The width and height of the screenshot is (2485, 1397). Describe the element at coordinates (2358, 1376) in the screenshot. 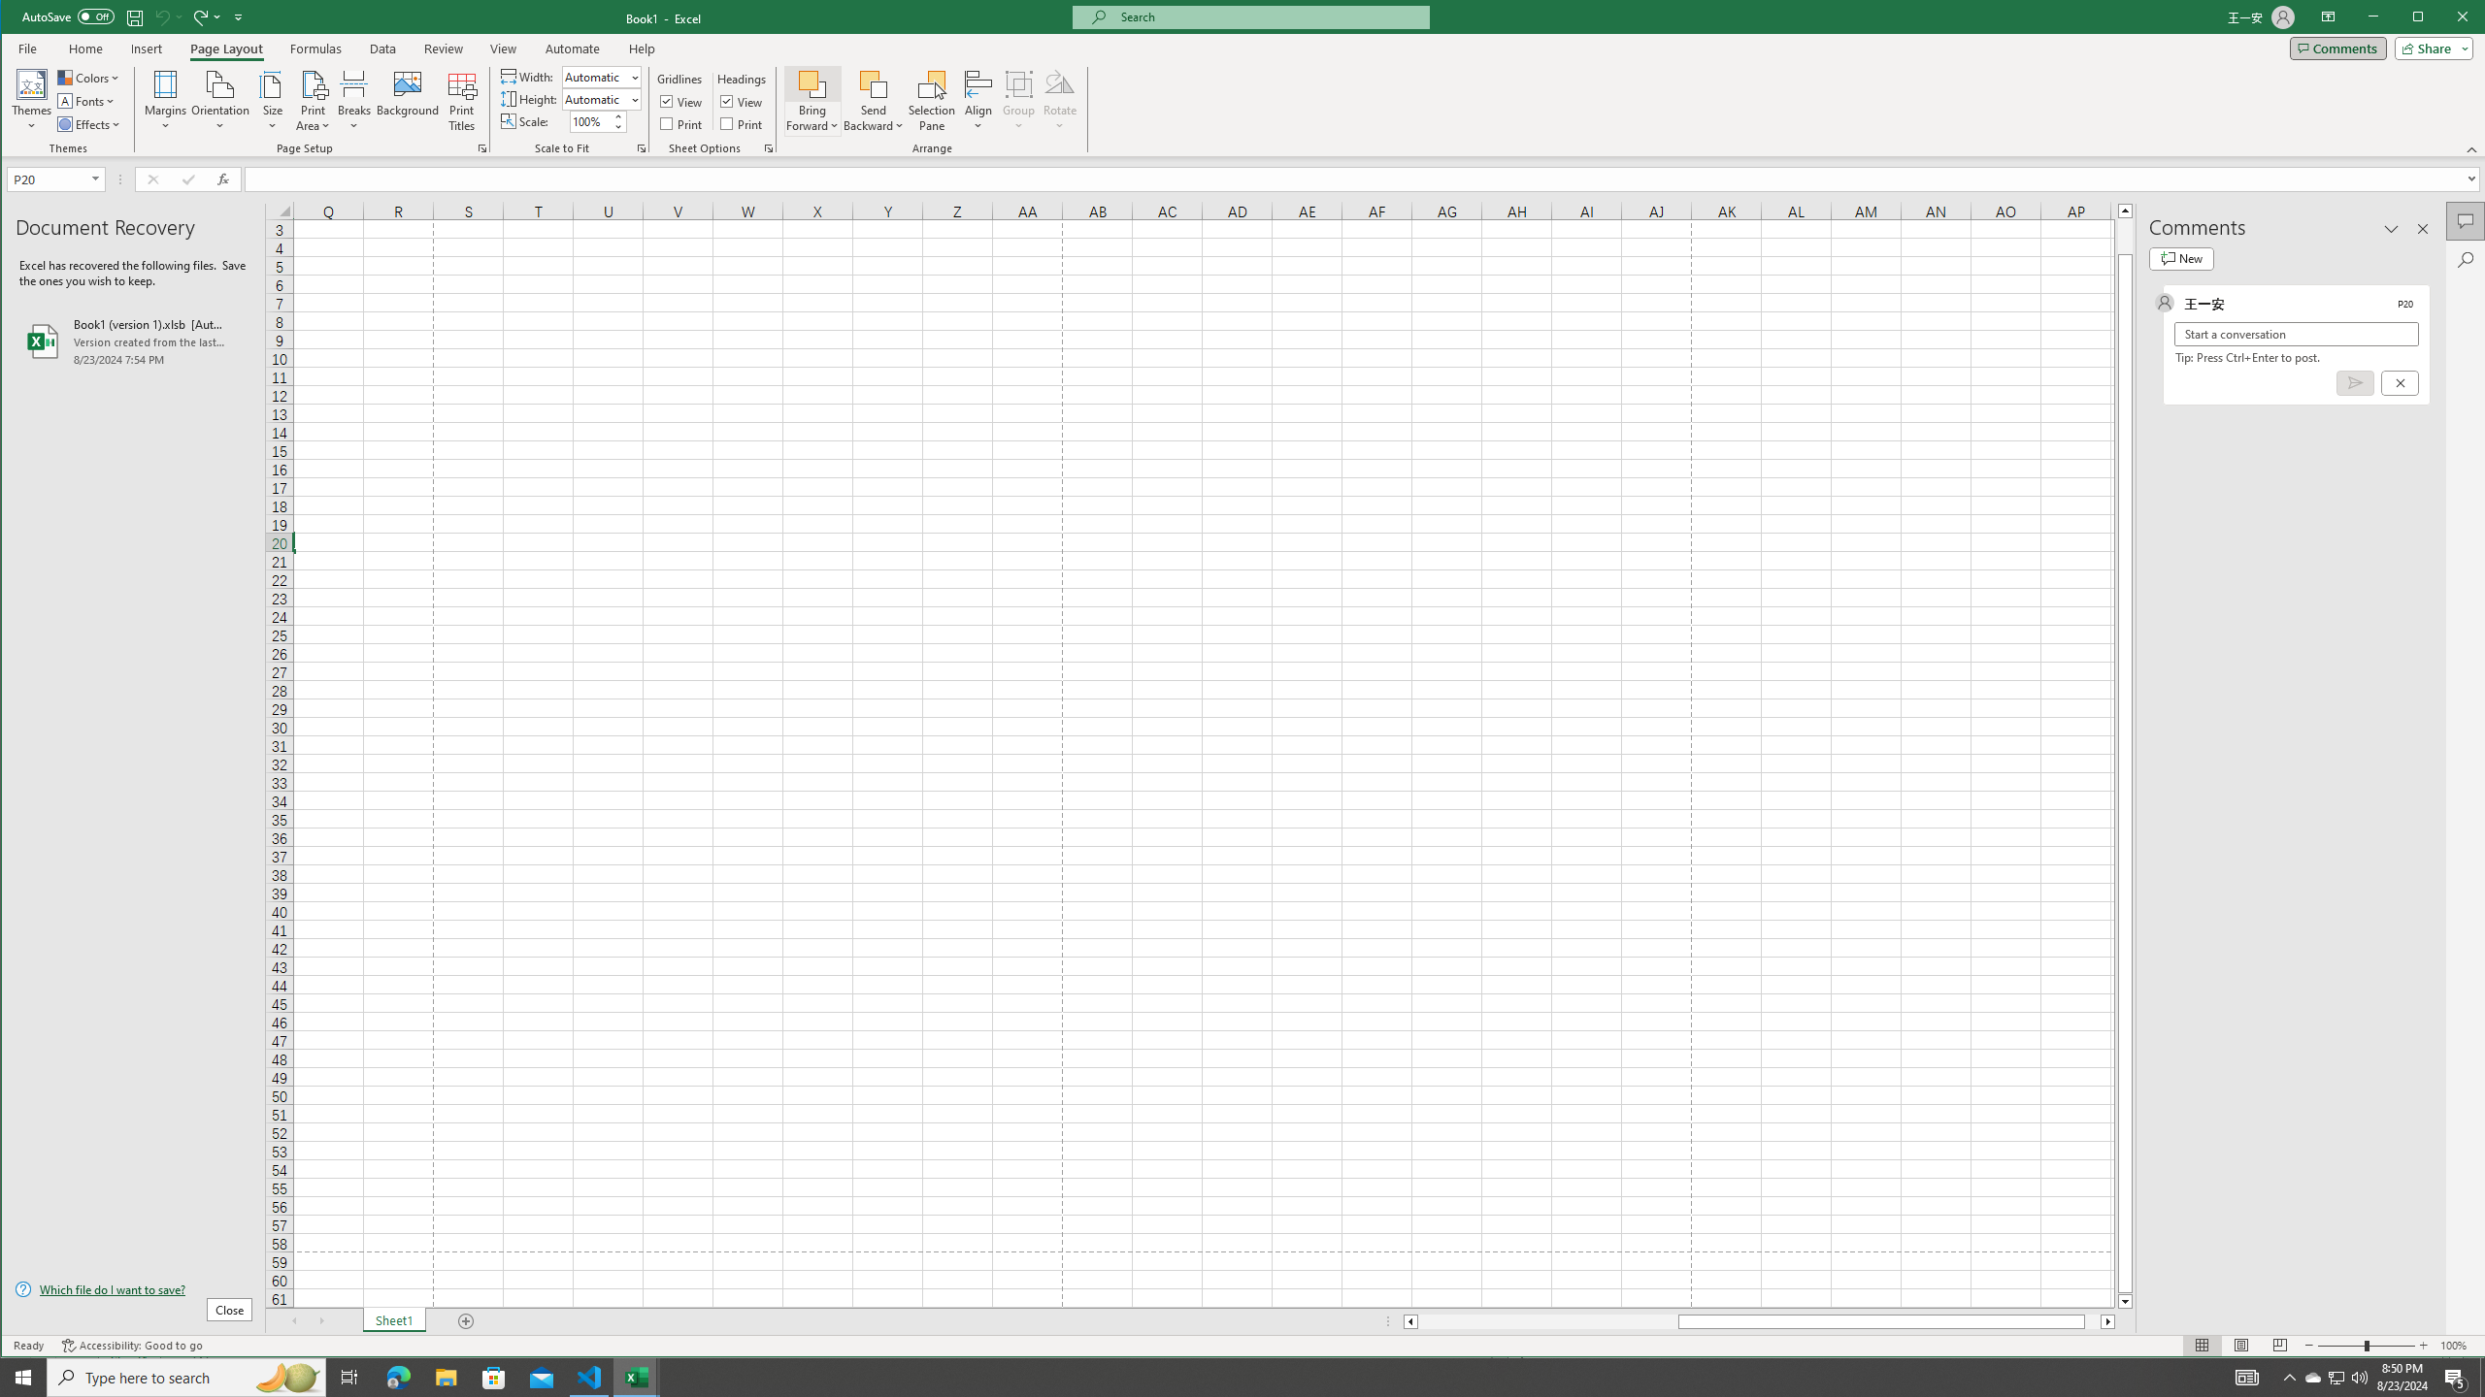

I see `'Q2790: 100%'` at that location.